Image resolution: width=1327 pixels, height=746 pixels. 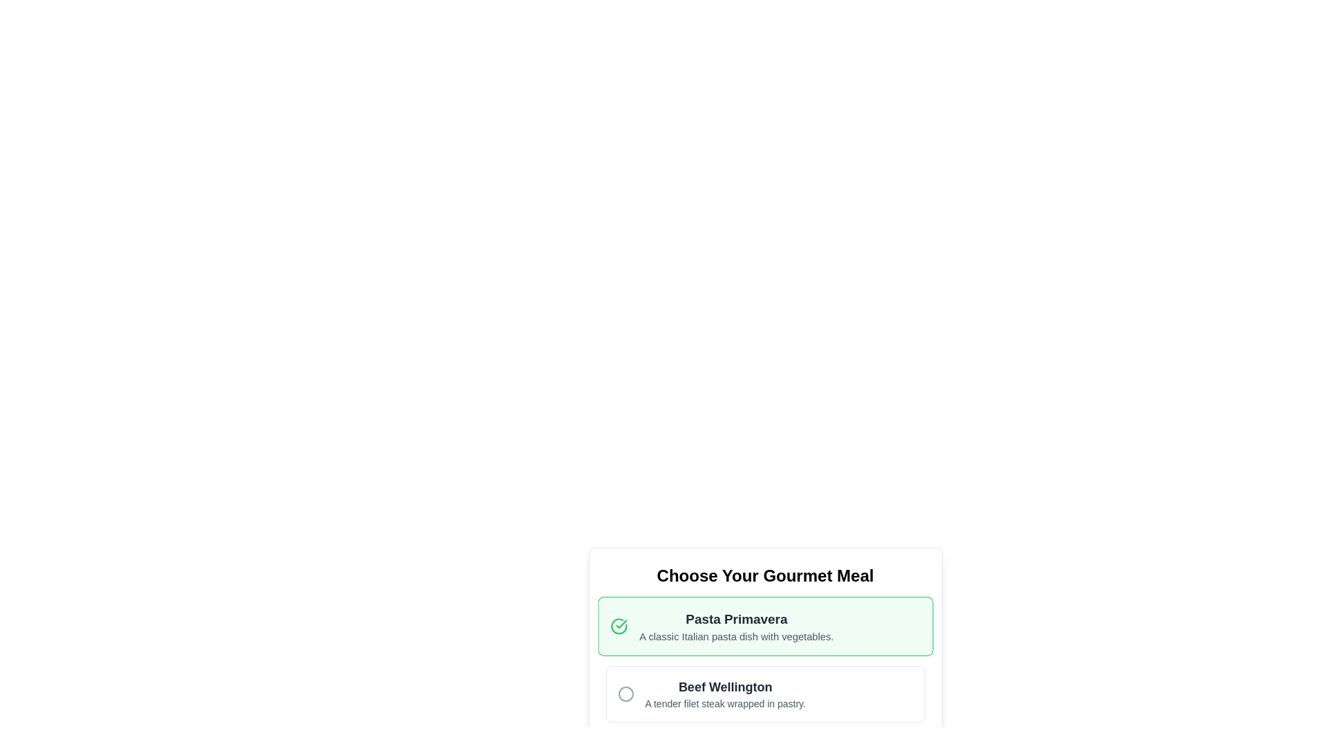 What do you see at coordinates (625, 694) in the screenshot?
I see `the circular gray icon positioned to the left of the 'Beef Wellington' text` at bounding box center [625, 694].